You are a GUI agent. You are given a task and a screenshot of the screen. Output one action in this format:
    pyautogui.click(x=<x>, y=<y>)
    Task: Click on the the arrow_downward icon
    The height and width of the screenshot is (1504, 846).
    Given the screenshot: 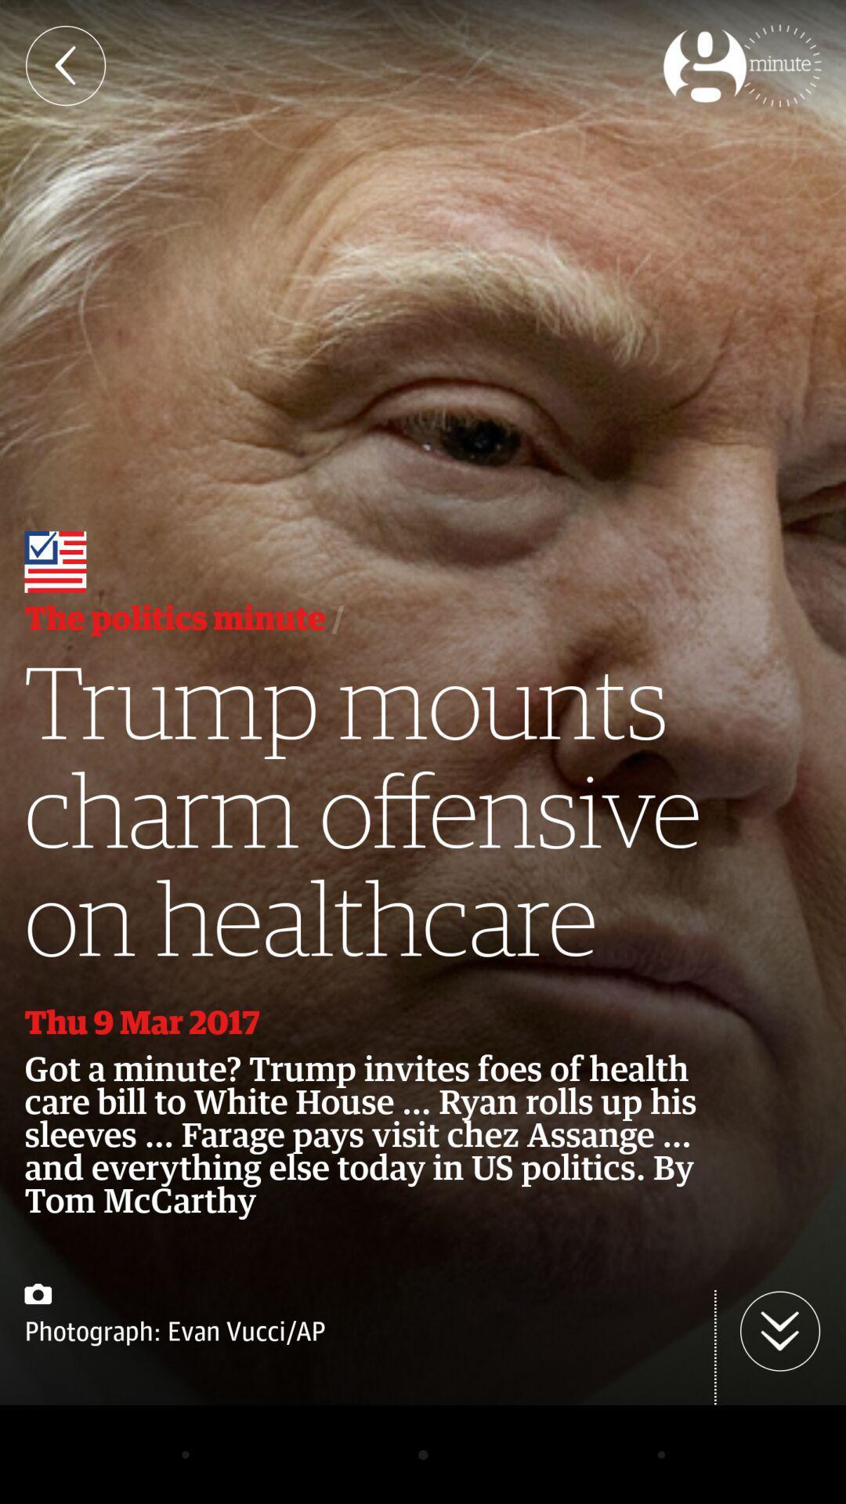 What is the action you would take?
    pyautogui.click(x=779, y=1330)
    